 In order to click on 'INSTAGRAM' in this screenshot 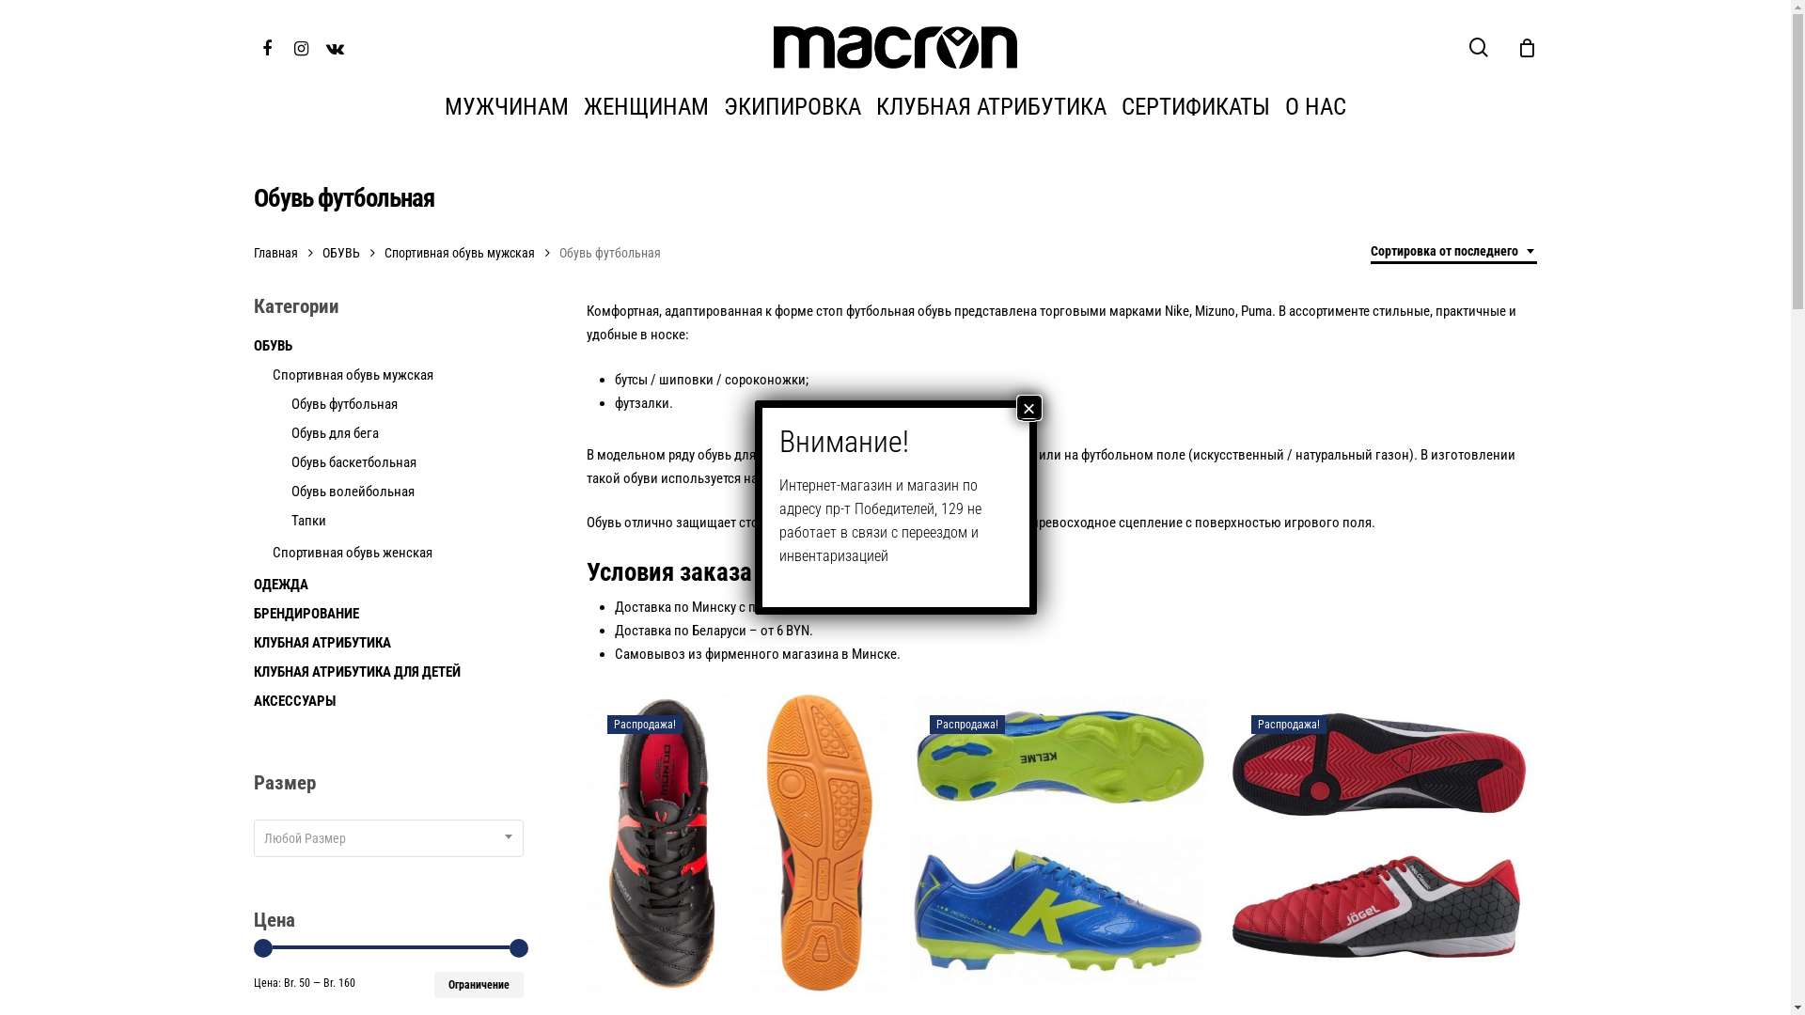, I will do `click(301, 46)`.